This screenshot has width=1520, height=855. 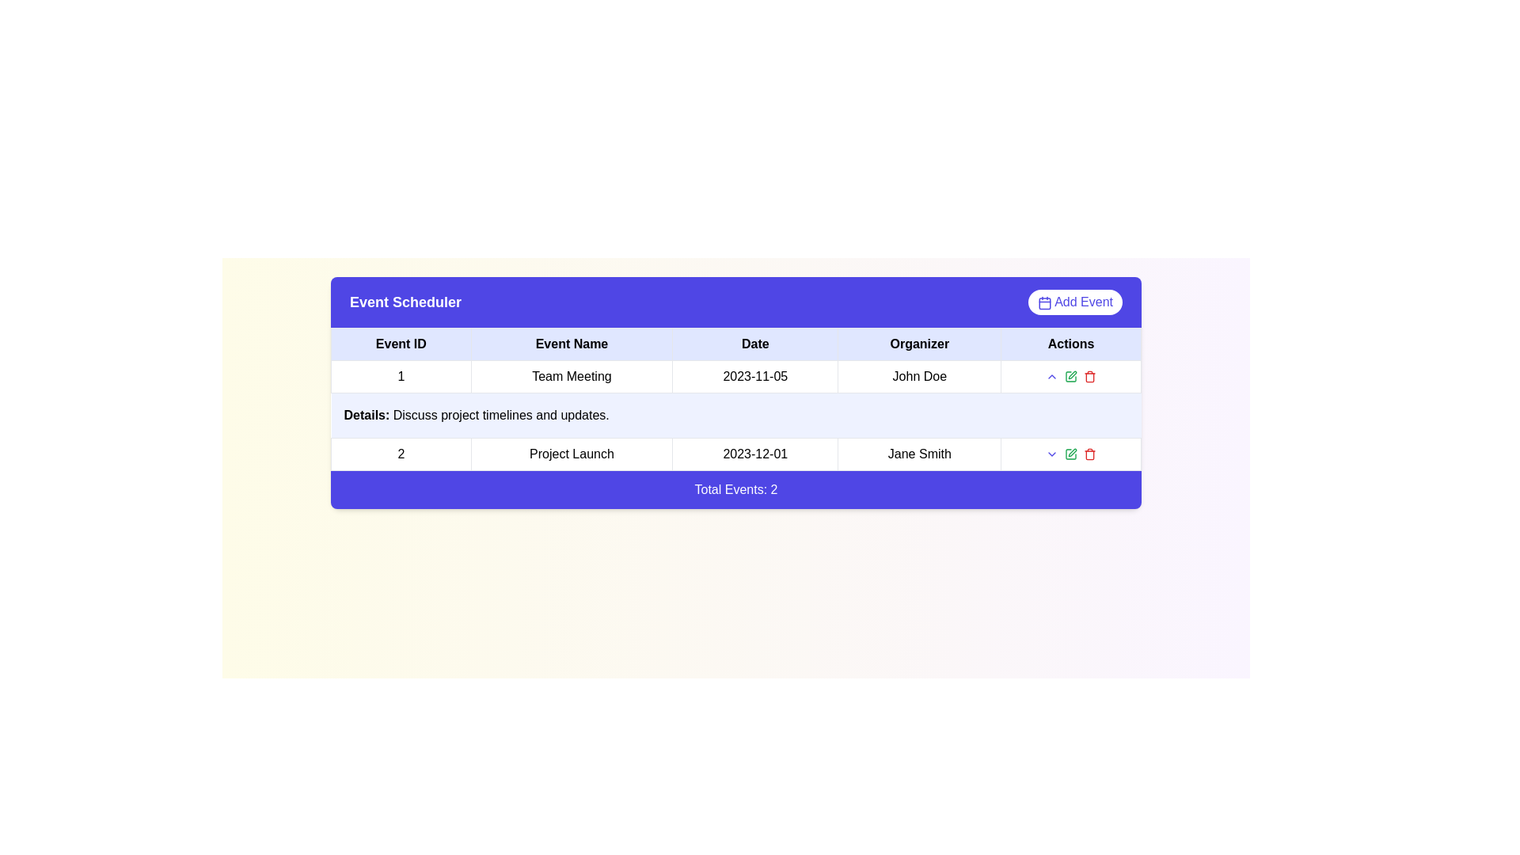 I want to click on the pen icon for edit action, which is a simple line-drawing styled SVG element located in the 'Actions' column of the second row in a tabular layout, so click(x=1073, y=375).